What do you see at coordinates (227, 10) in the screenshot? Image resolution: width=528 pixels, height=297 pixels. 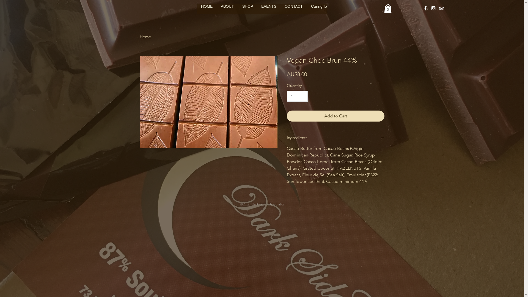 I see `'ABOUT'` at bounding box center [227, 10].